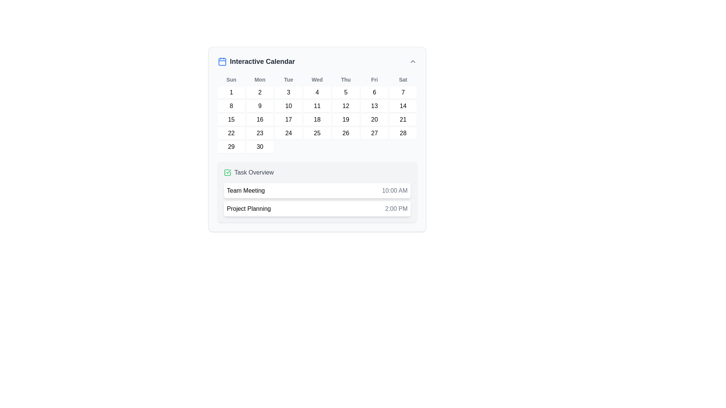  I want to click on the small square-shaped button labeled '24' with a white background, so click(288, 133).